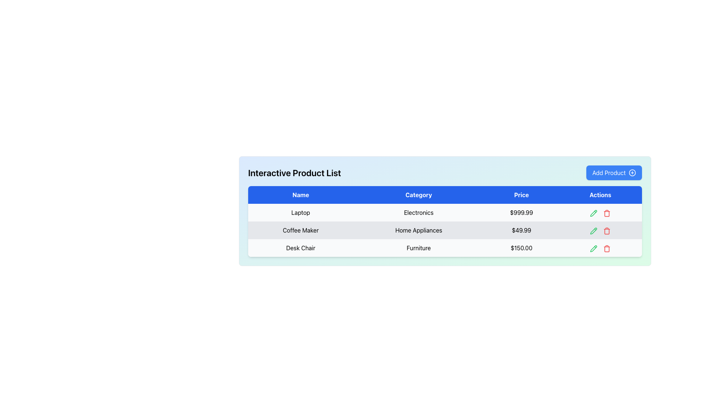  I want to click on the 'Laptop' text label, so click(301, 213).